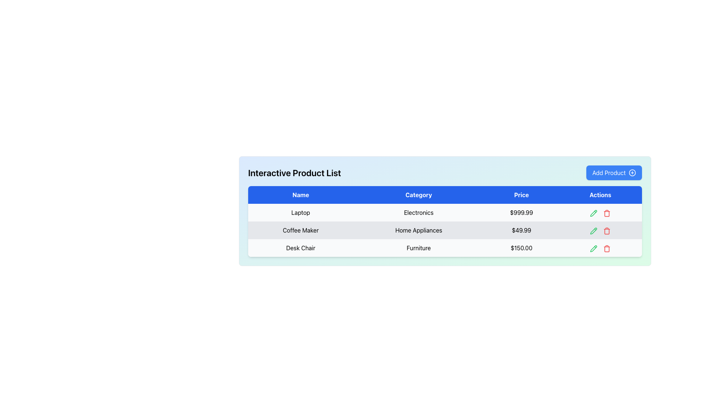  I want to click on the 'Laptop' text label, so click(301, 213).